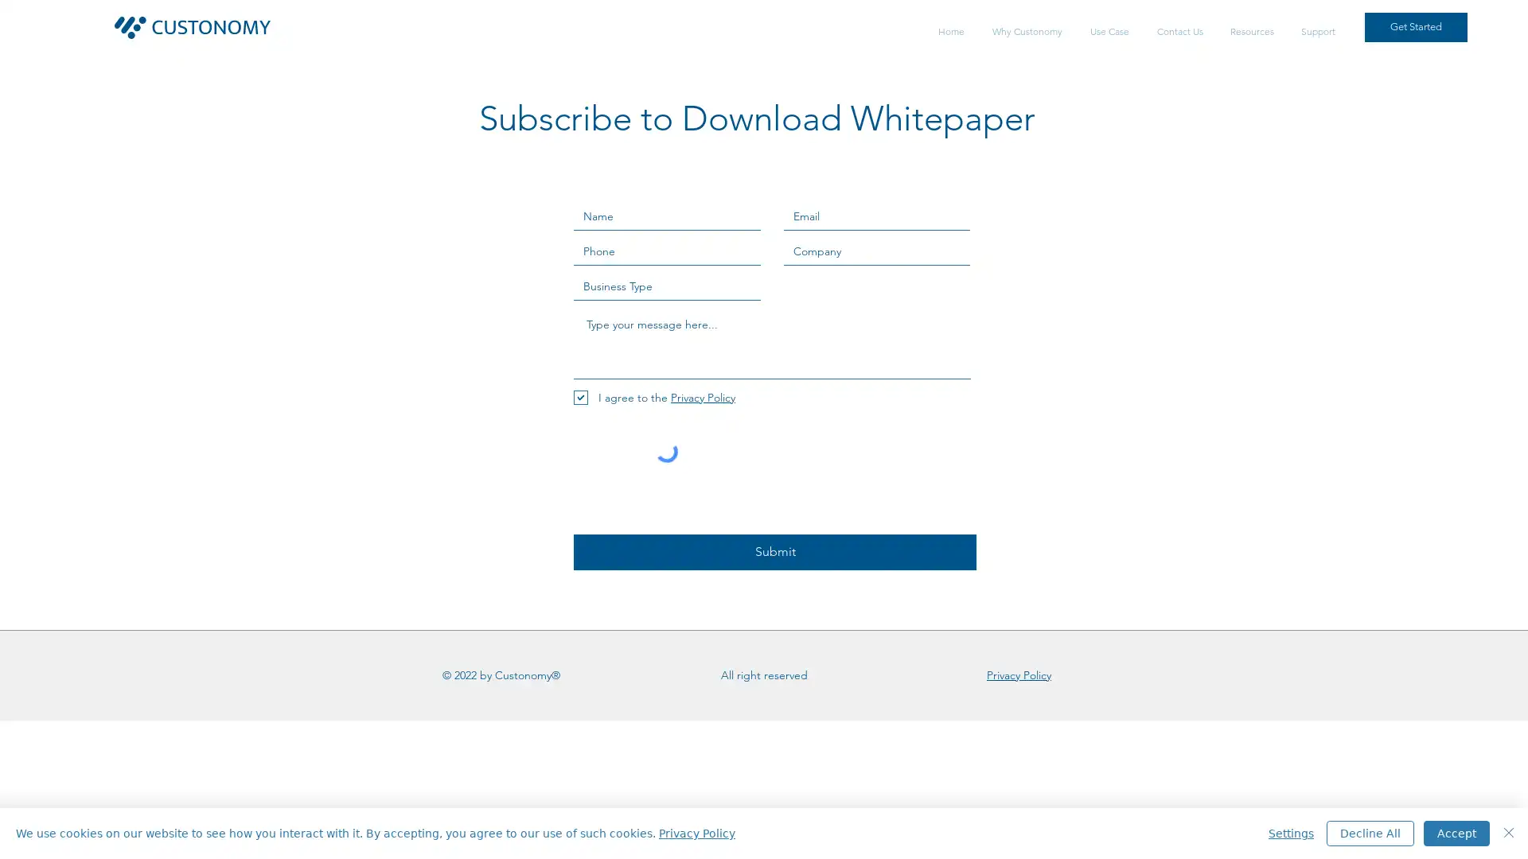 Image resolution: width=1528 pixels, height=859 pixels. I want to click on Decline All, so click(1370, 833).